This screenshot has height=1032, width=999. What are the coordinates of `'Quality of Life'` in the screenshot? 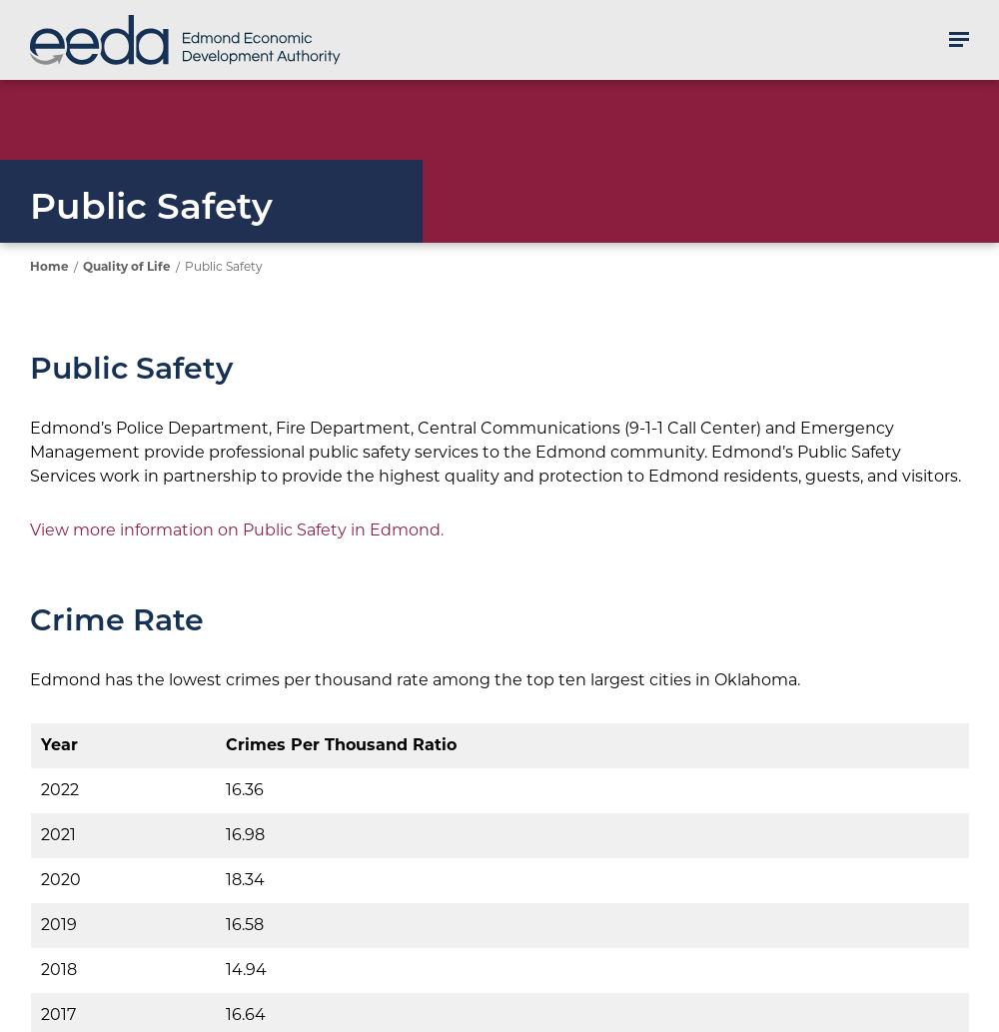 It's located at (127, 265).